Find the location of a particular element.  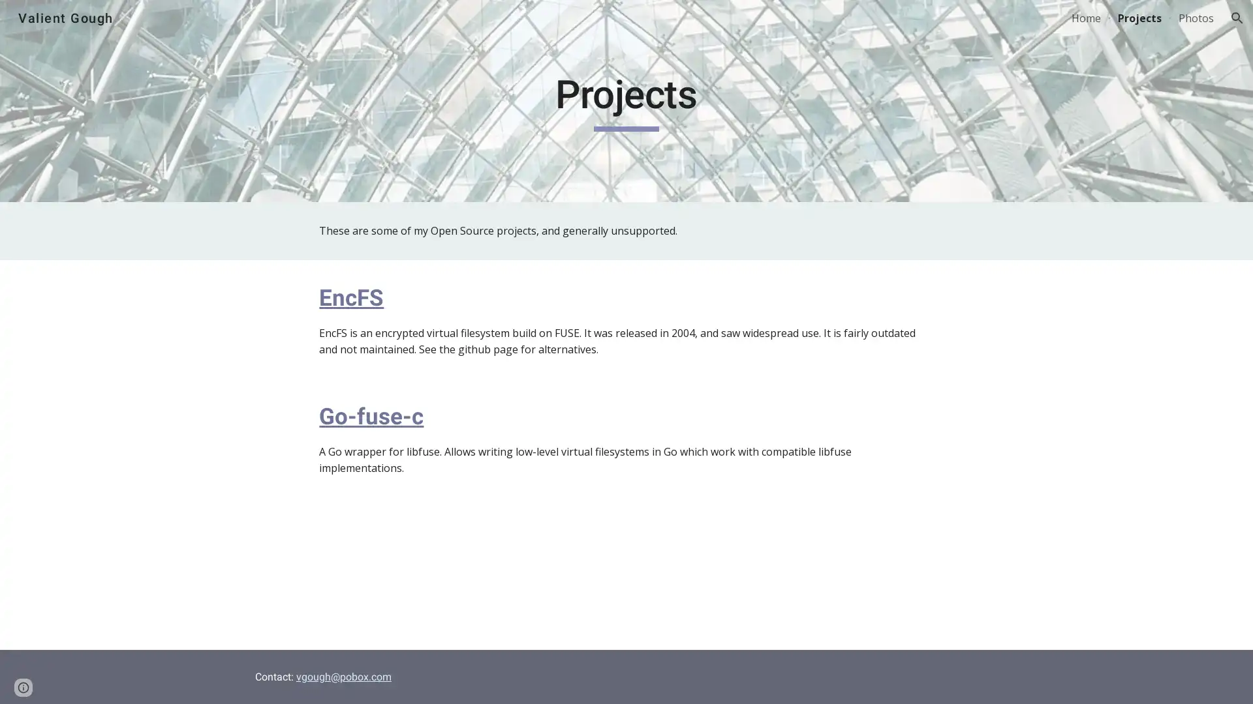

Site actions is located at coordinates (23, 681).